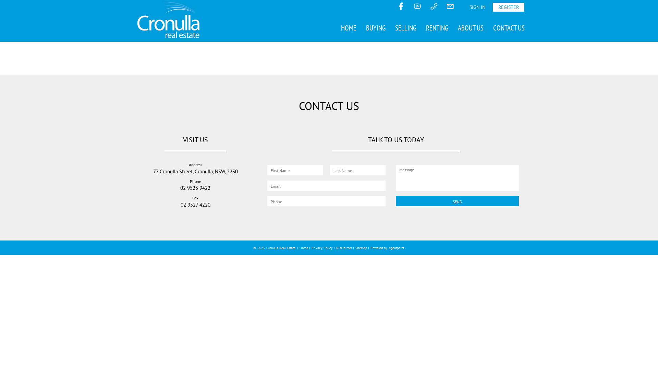 Image resolution: width=658 pixels, height=370 pixels. Describe the element at coordinates (361, 248) in the screenshot. I see `'Sitemap'` at that location.